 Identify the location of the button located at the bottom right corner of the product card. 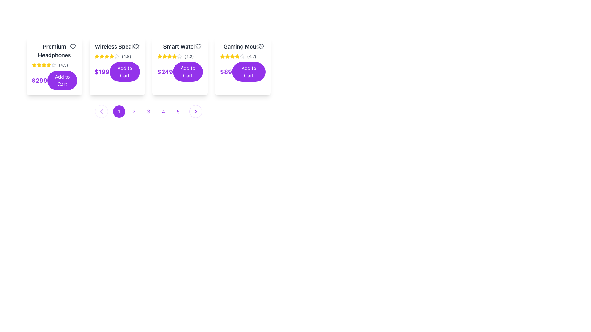
(187, 72).